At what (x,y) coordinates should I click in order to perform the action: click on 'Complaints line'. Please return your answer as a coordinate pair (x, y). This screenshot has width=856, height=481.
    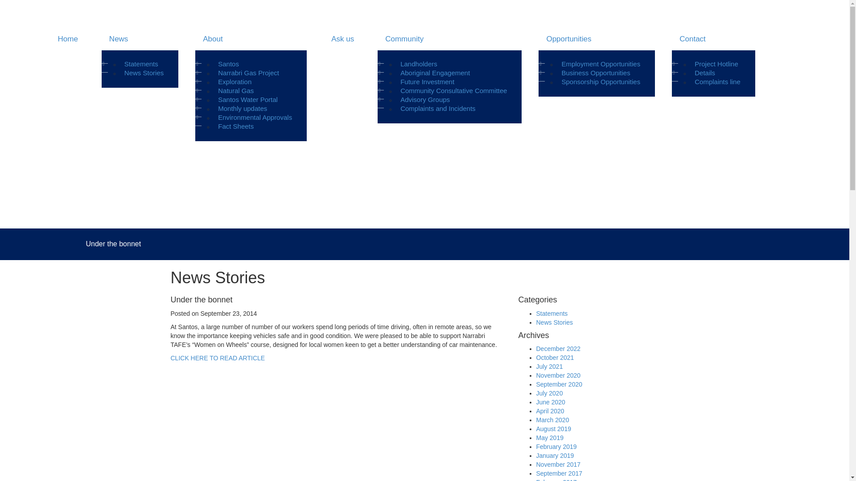
    Looking at the image, I should click on (717, 82).